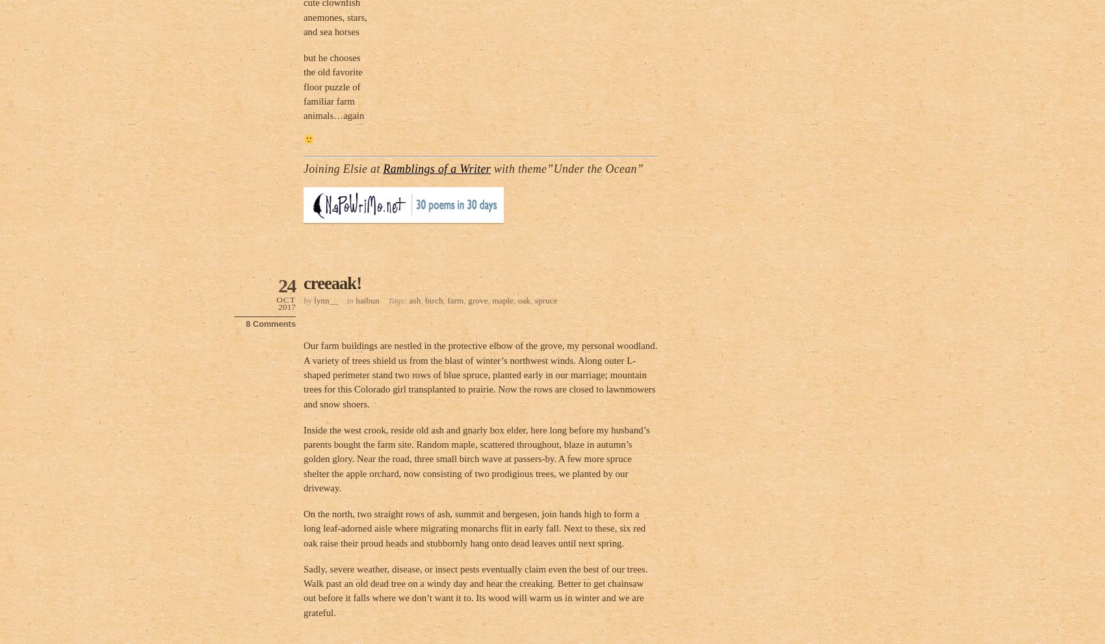 This screenshot has height=644, width=1105. What do you see at coordinates (303, 31) in the screenshot?
I see `'and sea horses'` at bounding box center [303, 31].